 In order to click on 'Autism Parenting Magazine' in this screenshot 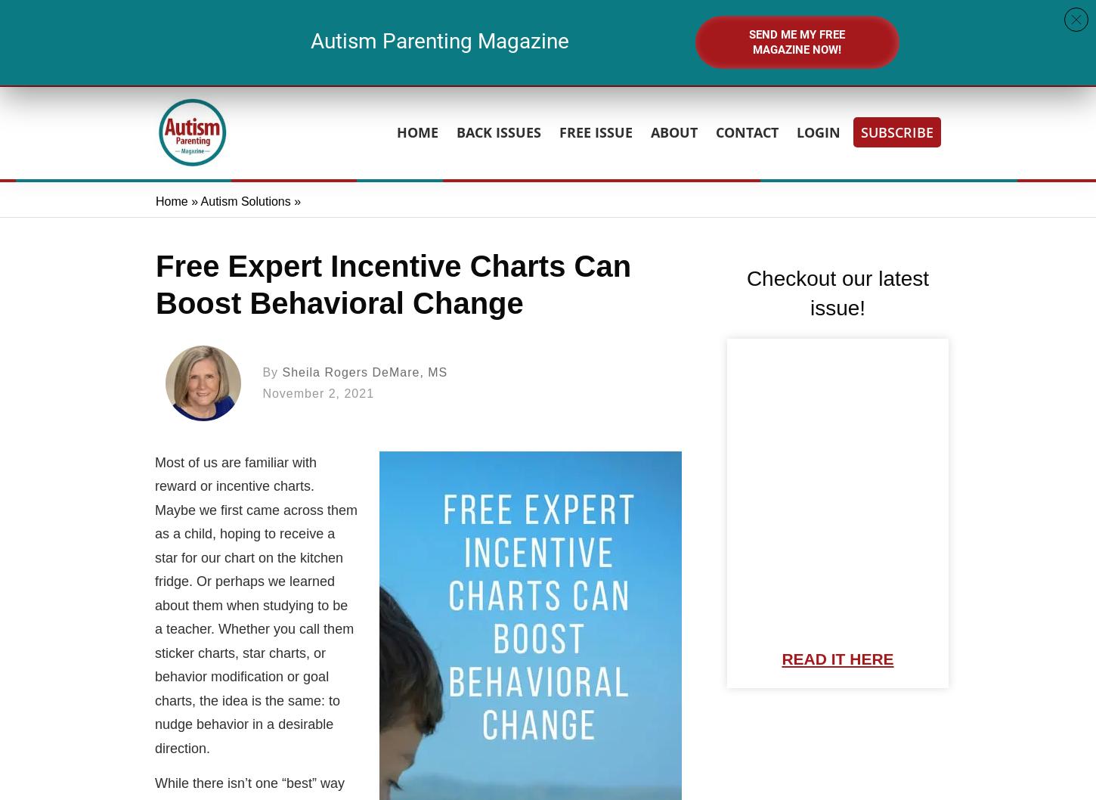, I will do `click(309, 40)`.